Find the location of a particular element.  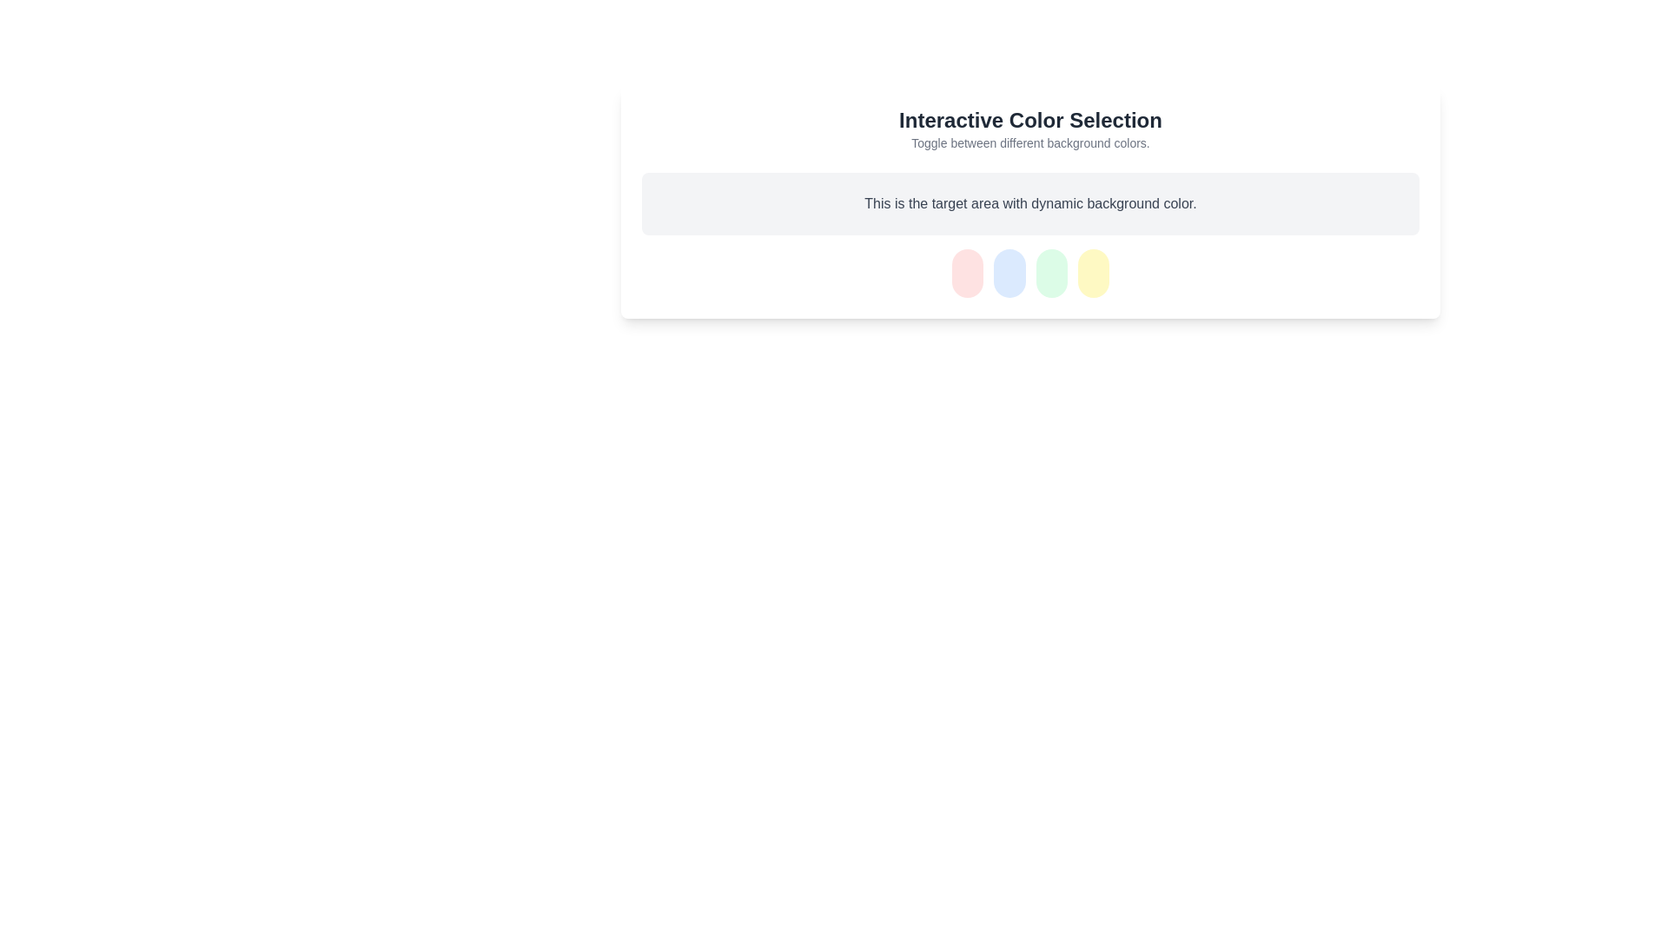

the text element that displays descriptive or instructional information, located centrally below the title 'Interactive Color Selection' and above the color toggles is located at coordinates (1030, 203).